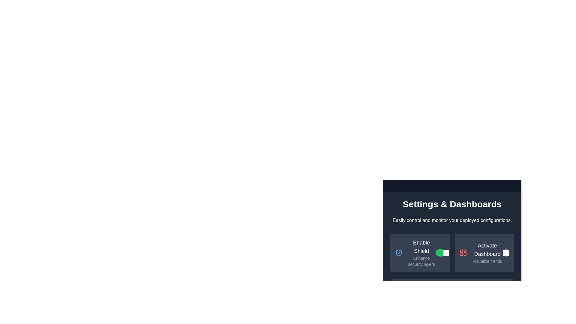 The width and height of the screenshot is (576, 324). I want to click on the descriptive text block located below the 'Settings & Dashboards' heading, which provides additional context or instructions about the functionalities offered in the section, so click(452, 220).